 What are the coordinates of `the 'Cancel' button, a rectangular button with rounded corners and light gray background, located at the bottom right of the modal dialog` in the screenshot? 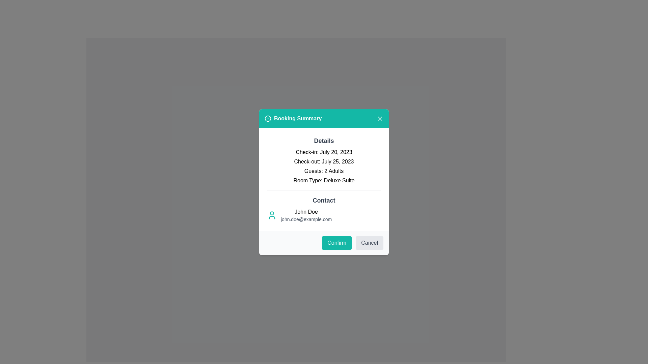 It's located at (369, 243).